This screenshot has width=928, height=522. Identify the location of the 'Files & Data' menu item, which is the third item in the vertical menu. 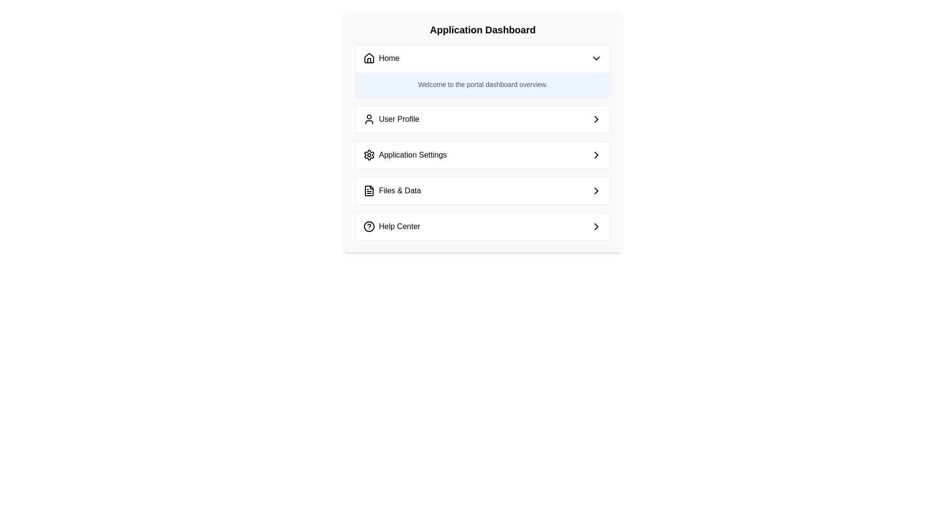
(392, 190).